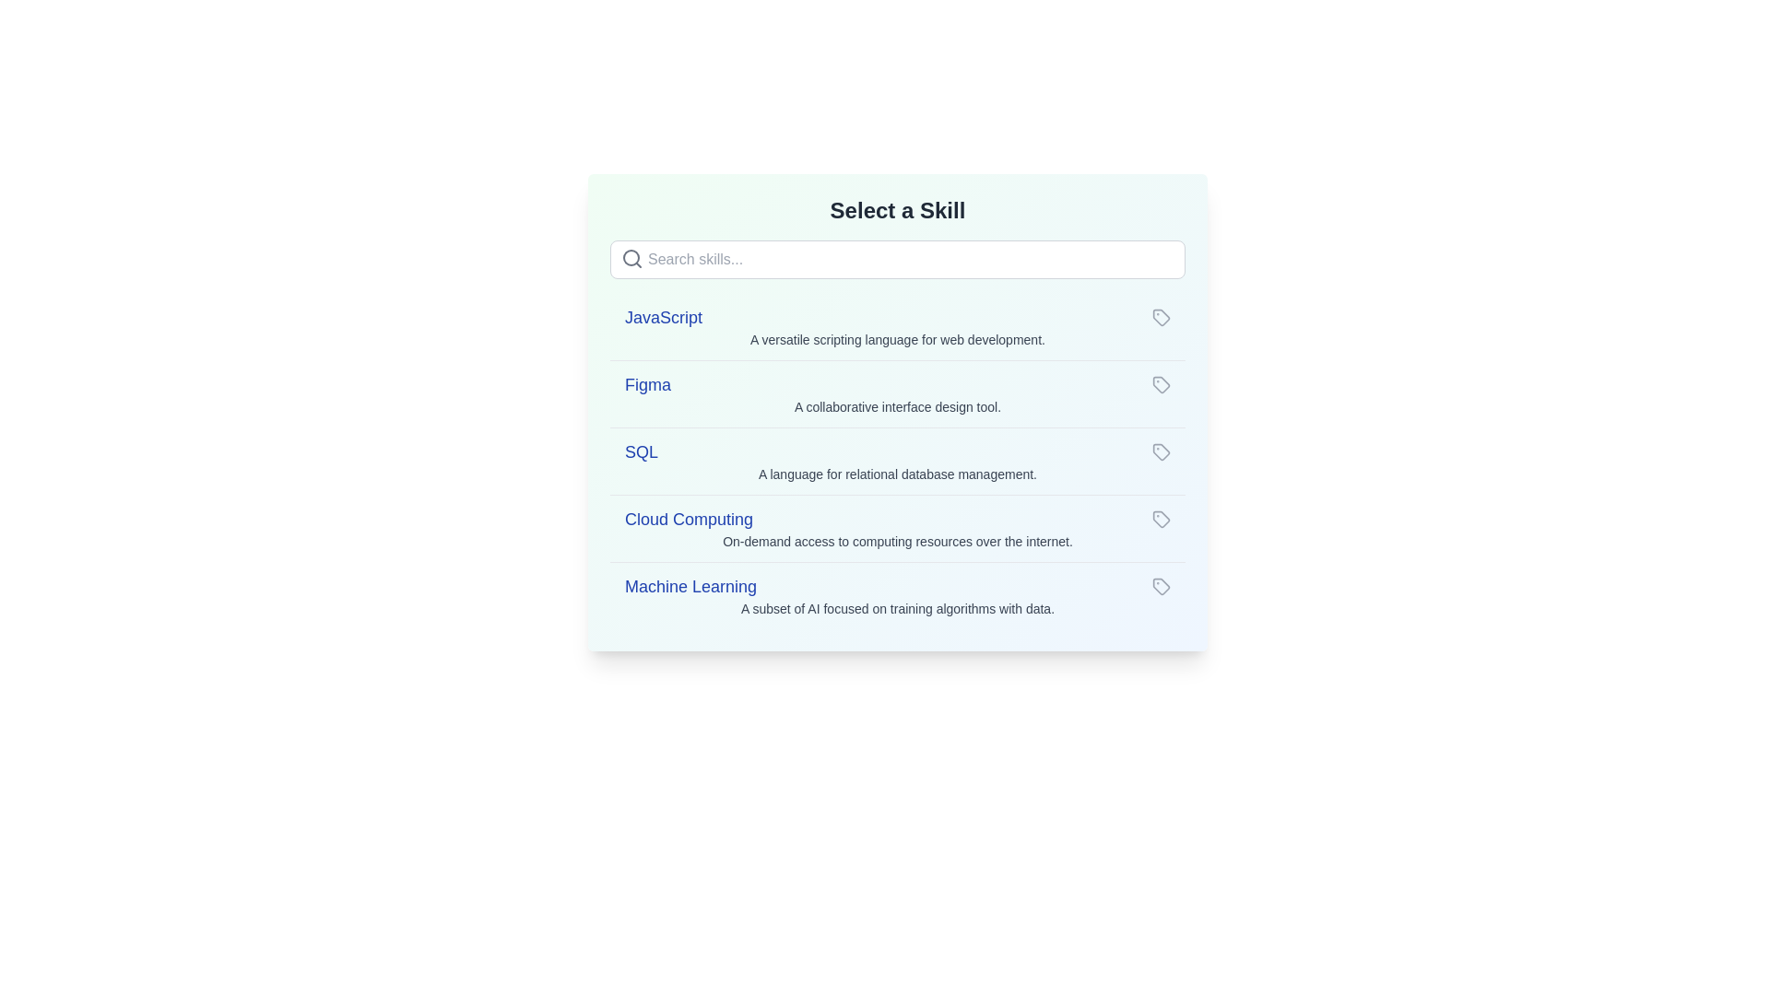  I want to click on the inner circular graphical component of the search icon within the search bar at the top of the skill selection interface, so click(631, 258).